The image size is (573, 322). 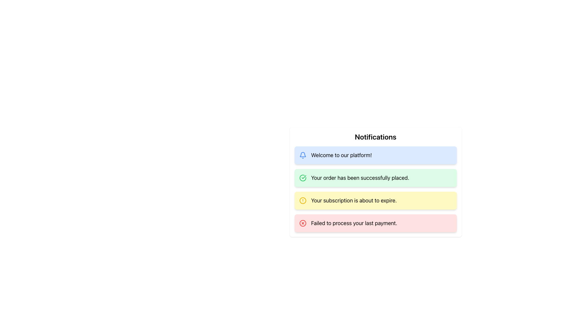 What do you see at coordinates (360, 178) in the screenshot?
I see `static text that displays the message 'Your order has been successfully placed.' within the green alert box positioned as the second notification in the vertical notification list` at bounding box center [360, 178].